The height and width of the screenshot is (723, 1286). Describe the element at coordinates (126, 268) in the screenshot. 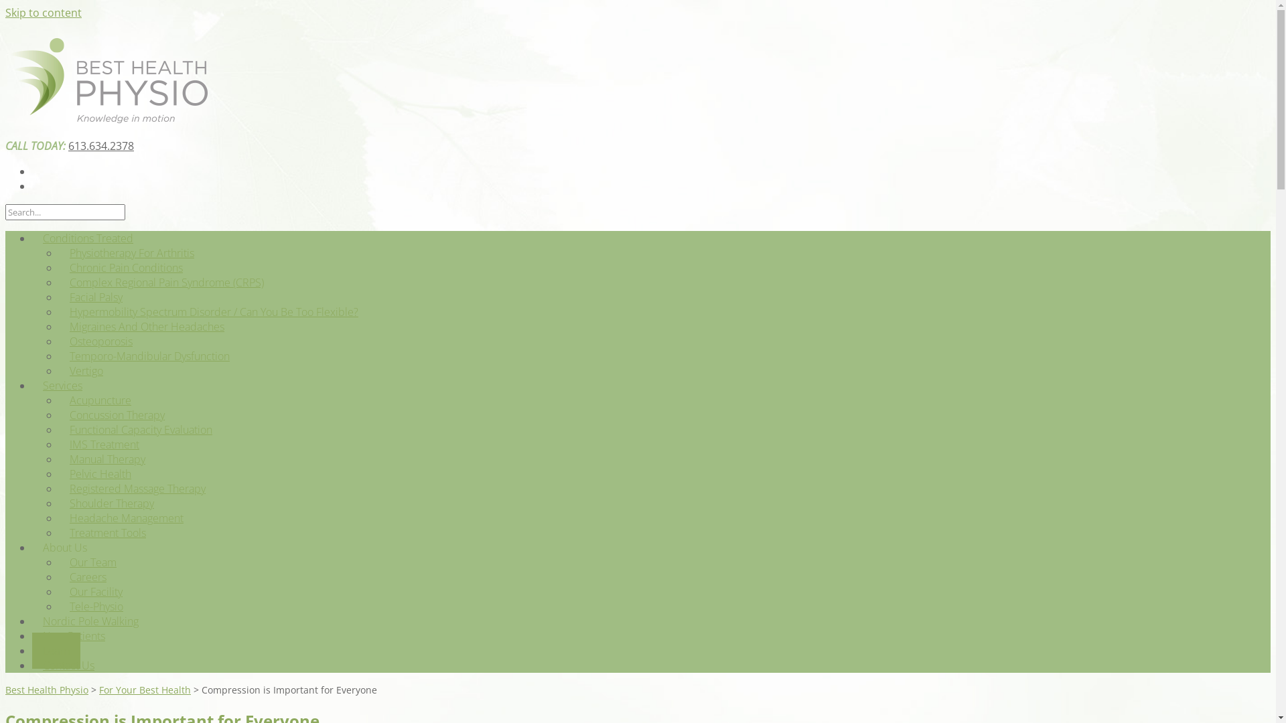

I see `'Chronic Pain Conditions'` at that location.